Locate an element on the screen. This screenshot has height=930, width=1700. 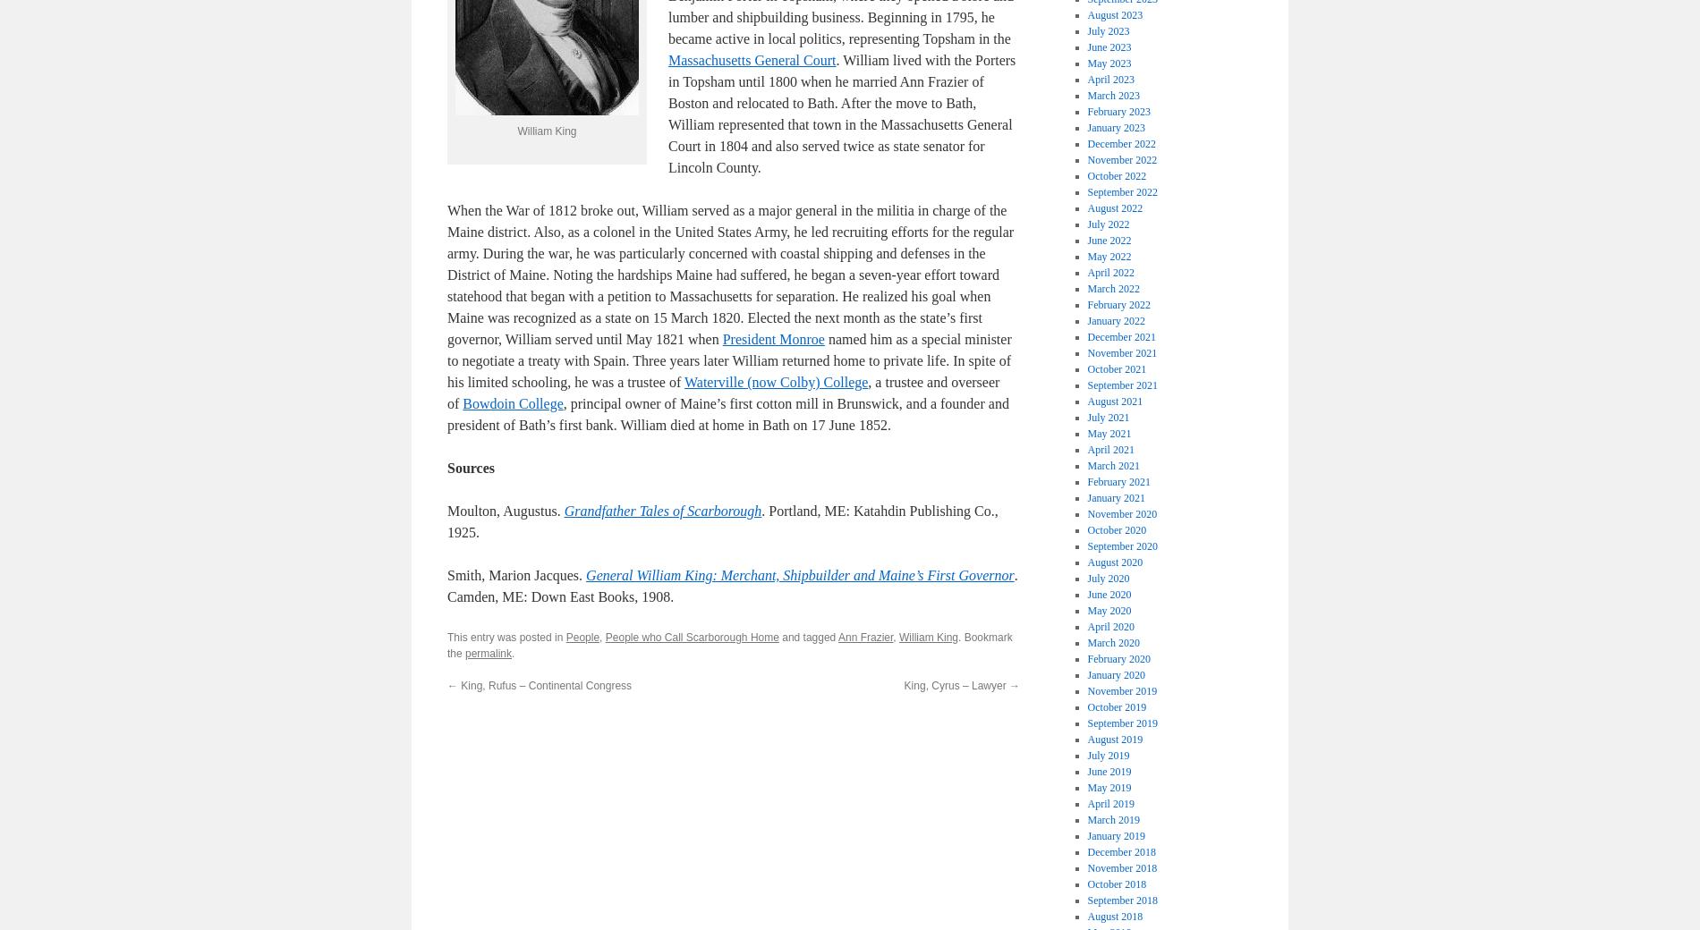
'December 2021' is located at coordinates (1086, 336).